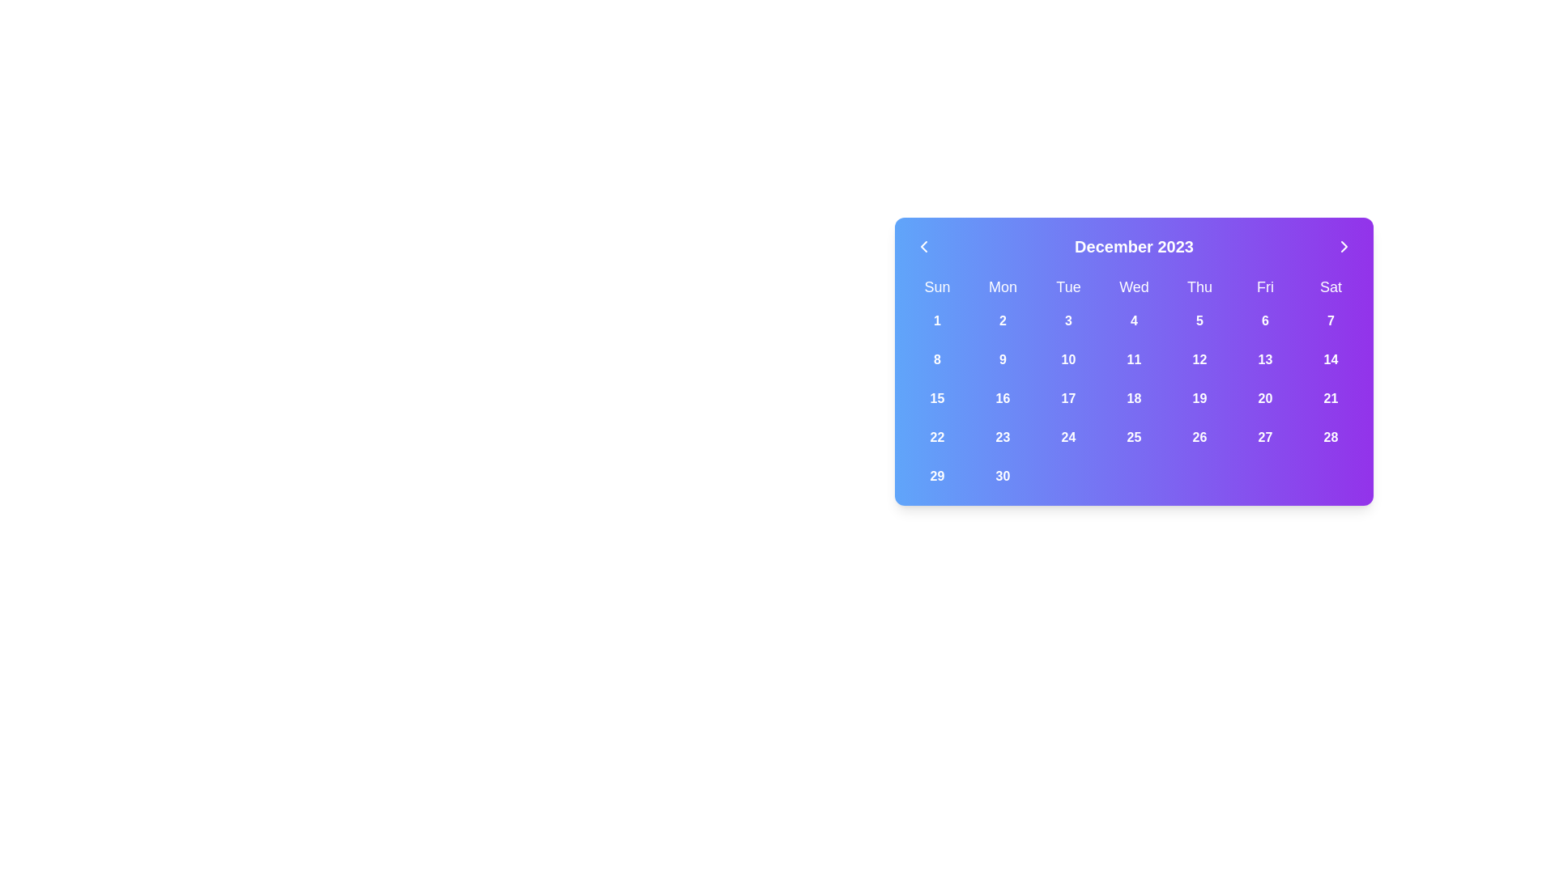 The width and height of the screenshot is (1555, 874). I want to click on the button with the bold white text '21', which is a rectangular clickable box with a purple background located in the last column of the fourth row in the calendar grid, so click(1331, 399).